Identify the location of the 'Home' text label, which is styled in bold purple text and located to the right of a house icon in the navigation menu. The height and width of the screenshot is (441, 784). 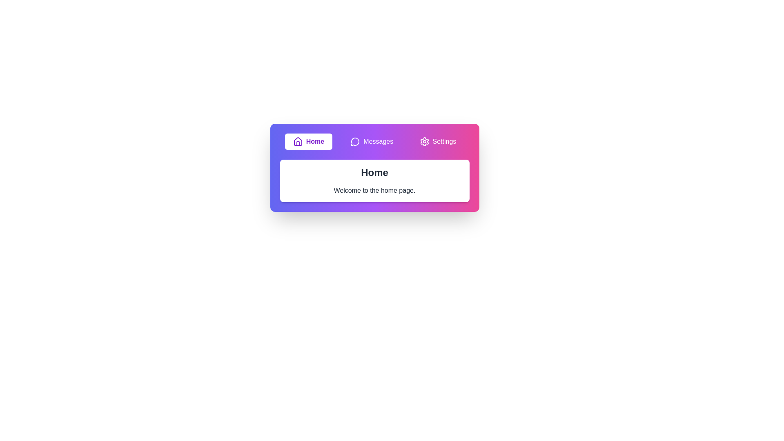
(308, 141).